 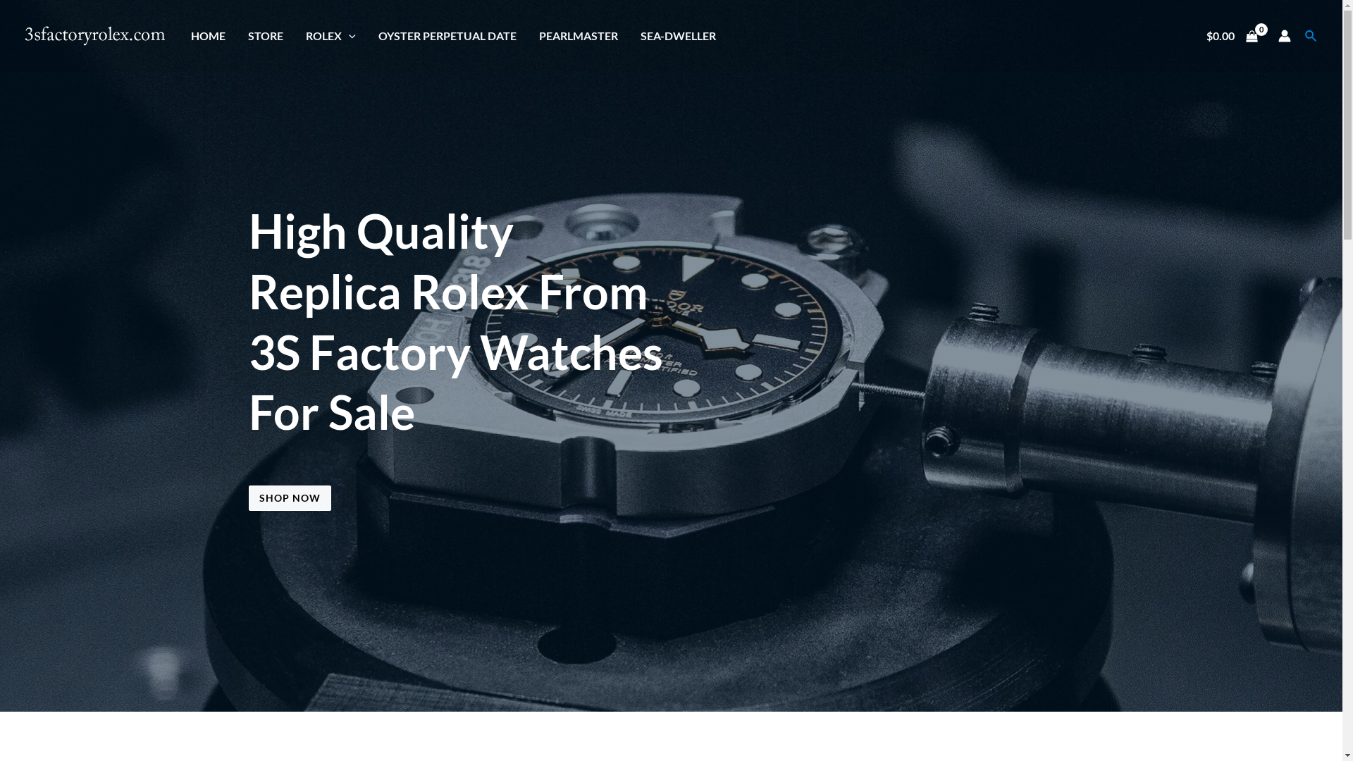 I want to click on 'ROLEX', so click(x=293, y=35).